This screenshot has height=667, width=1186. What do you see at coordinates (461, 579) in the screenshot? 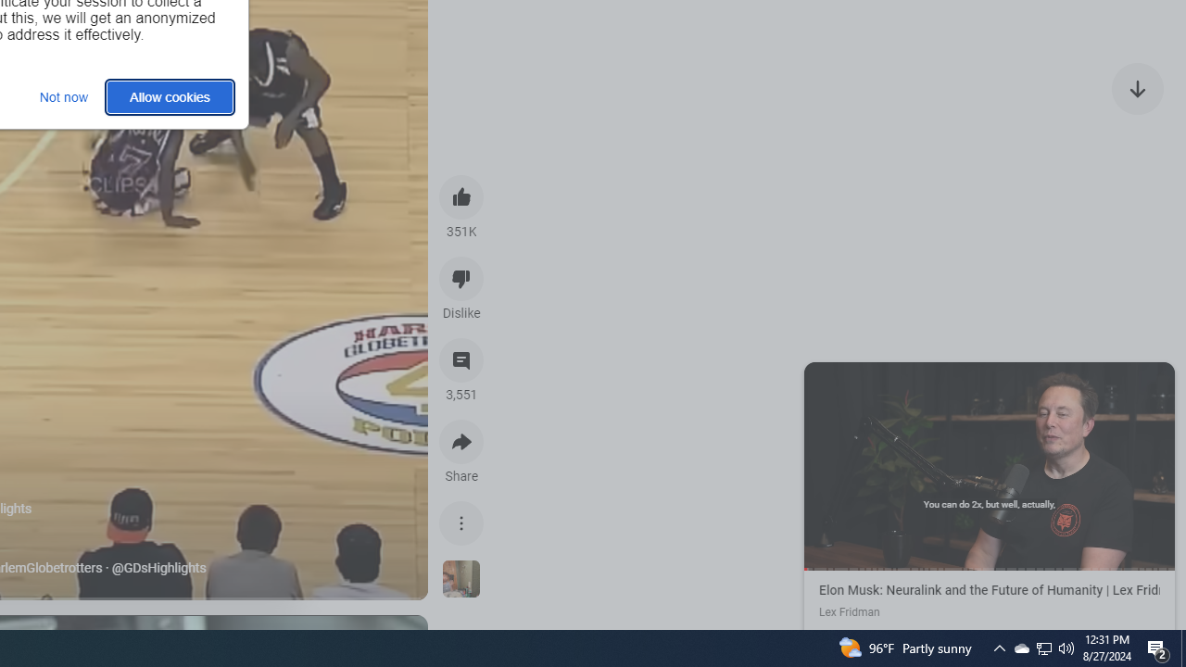
I see `'See more videos using this sound'` at bounding box center [461, 579].